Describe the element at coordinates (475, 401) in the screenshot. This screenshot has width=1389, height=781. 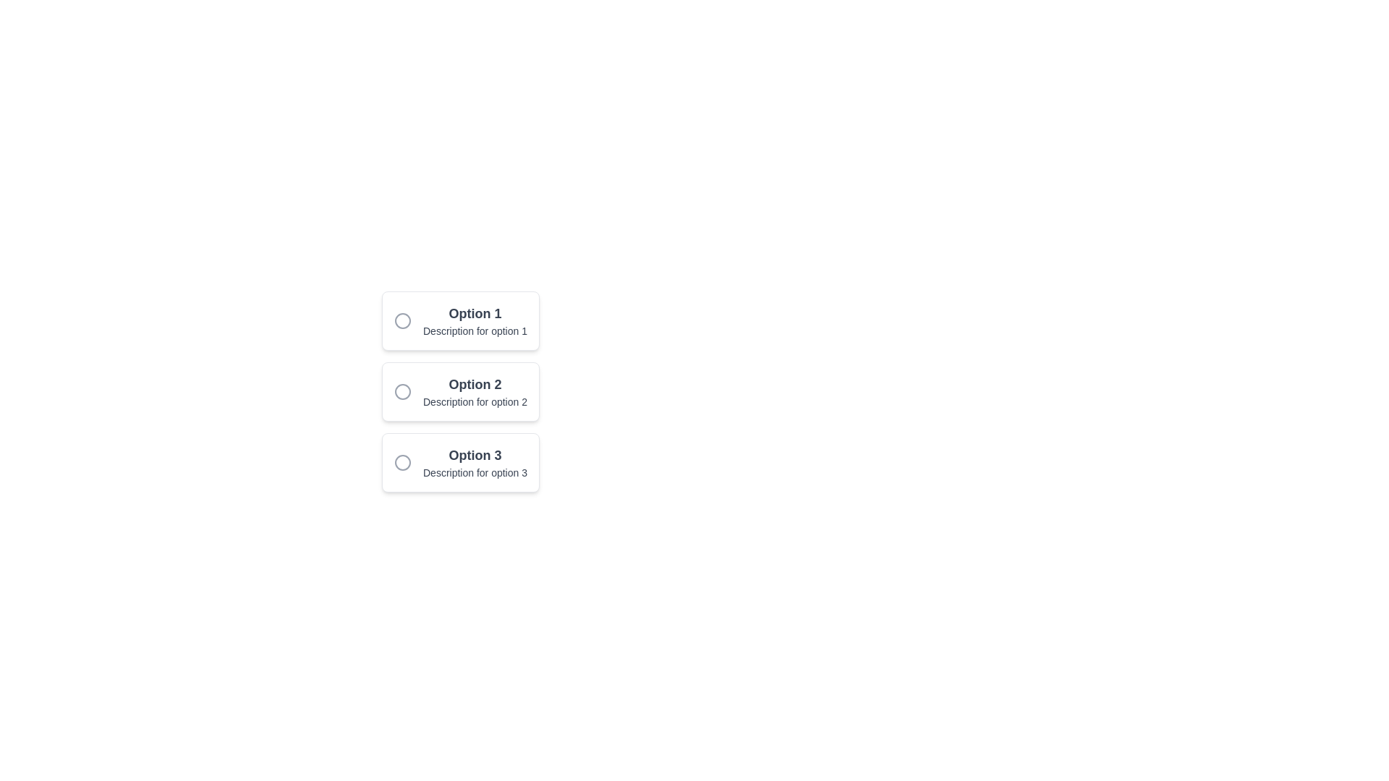
I see `the text label that describes 'Option 2', which is the second line of text directly below the bold 'Option 2'` at that location.